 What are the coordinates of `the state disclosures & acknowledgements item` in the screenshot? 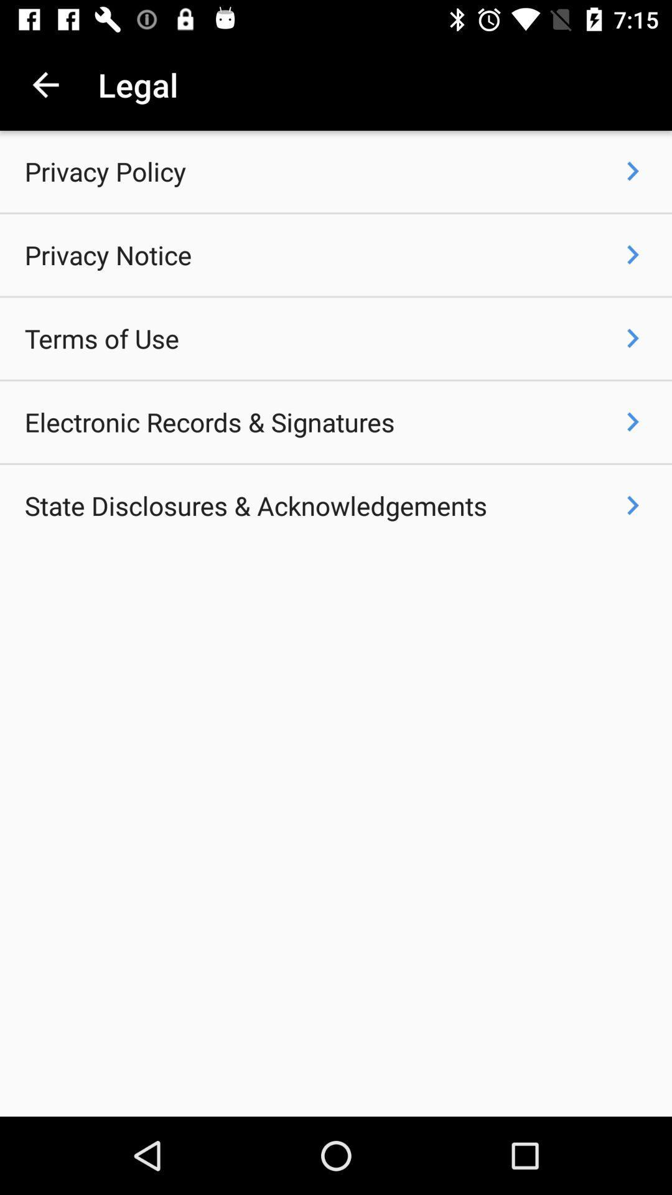 It's located at (255, 505).